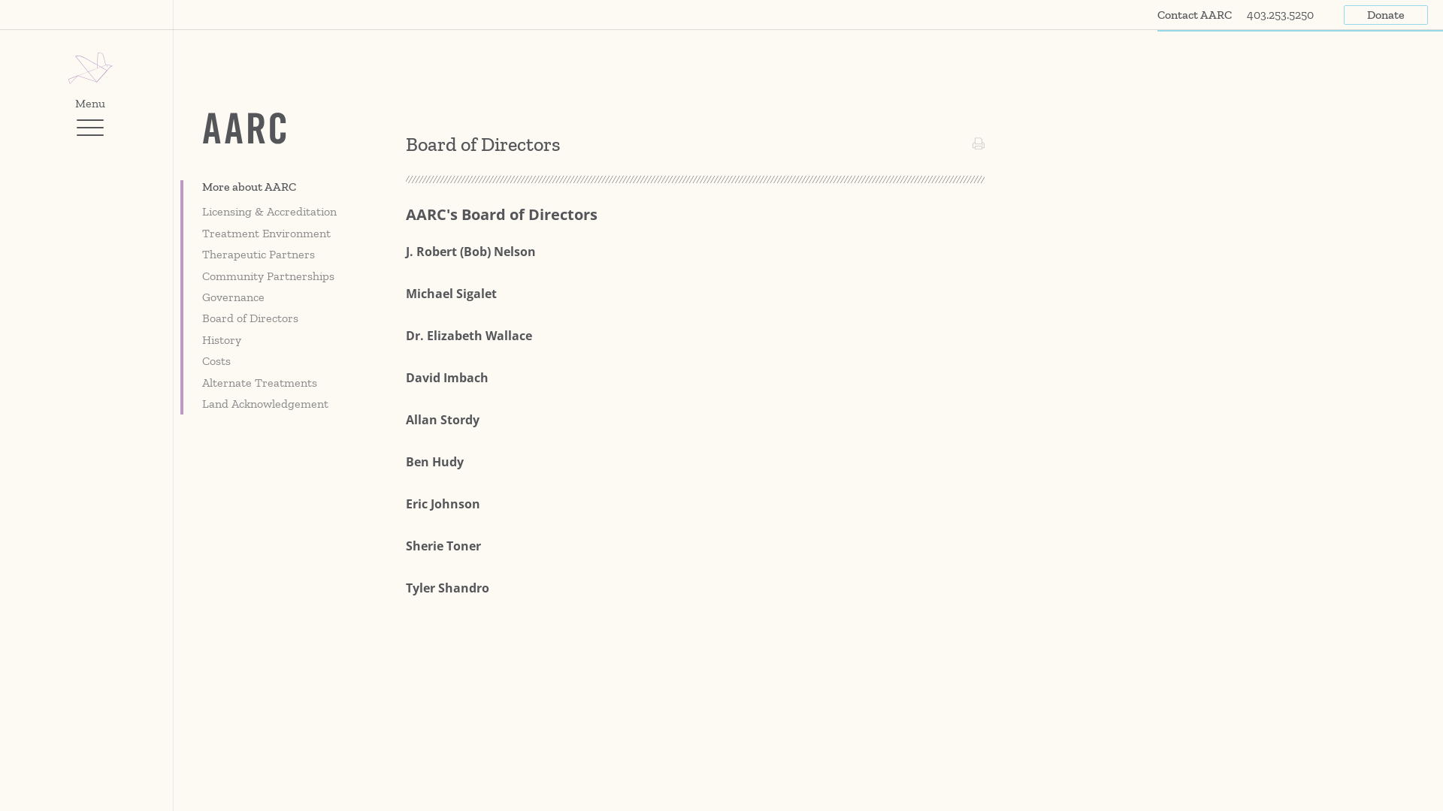  Describe the element at coordinates (281, 297) in the screenshot. I see `'Governance'` at that location.